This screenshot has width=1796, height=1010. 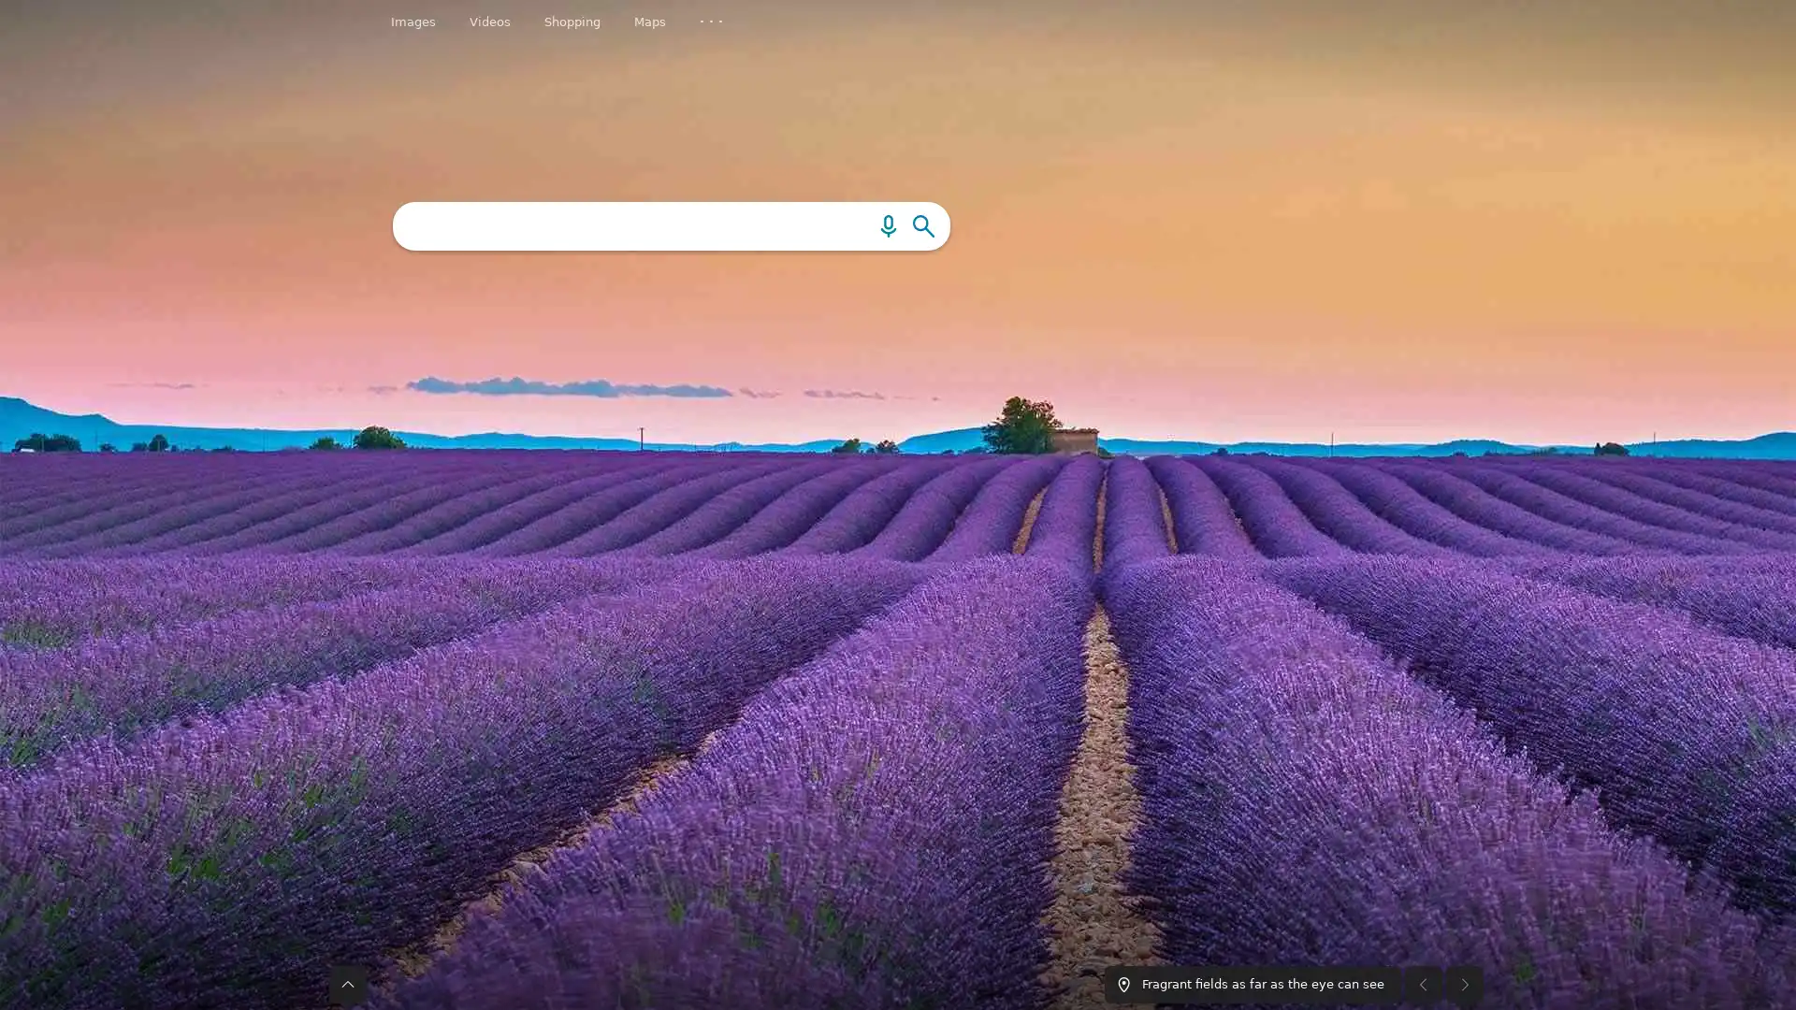 I want to click on Next image, so click(x=1463, y=669).